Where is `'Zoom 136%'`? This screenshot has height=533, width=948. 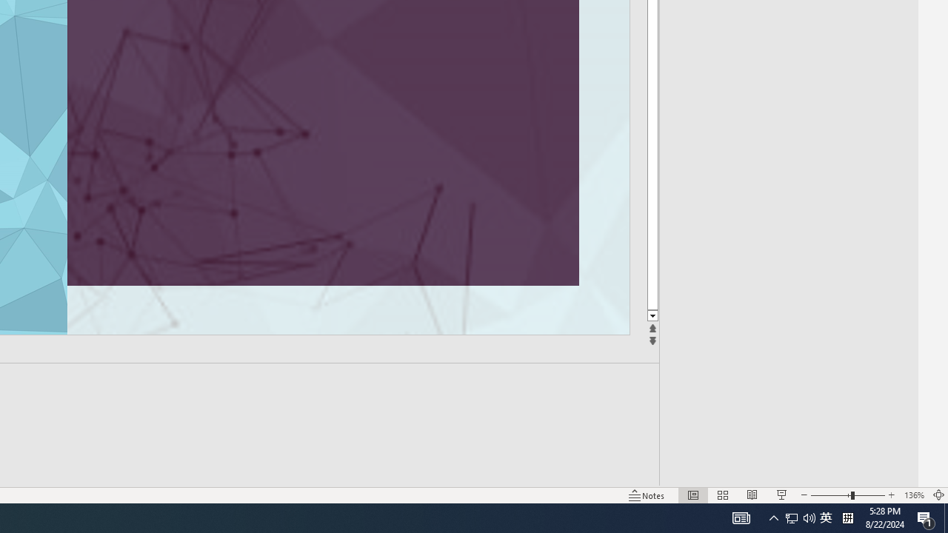
'Zoom 136%' is located at coordinates (913, 495).